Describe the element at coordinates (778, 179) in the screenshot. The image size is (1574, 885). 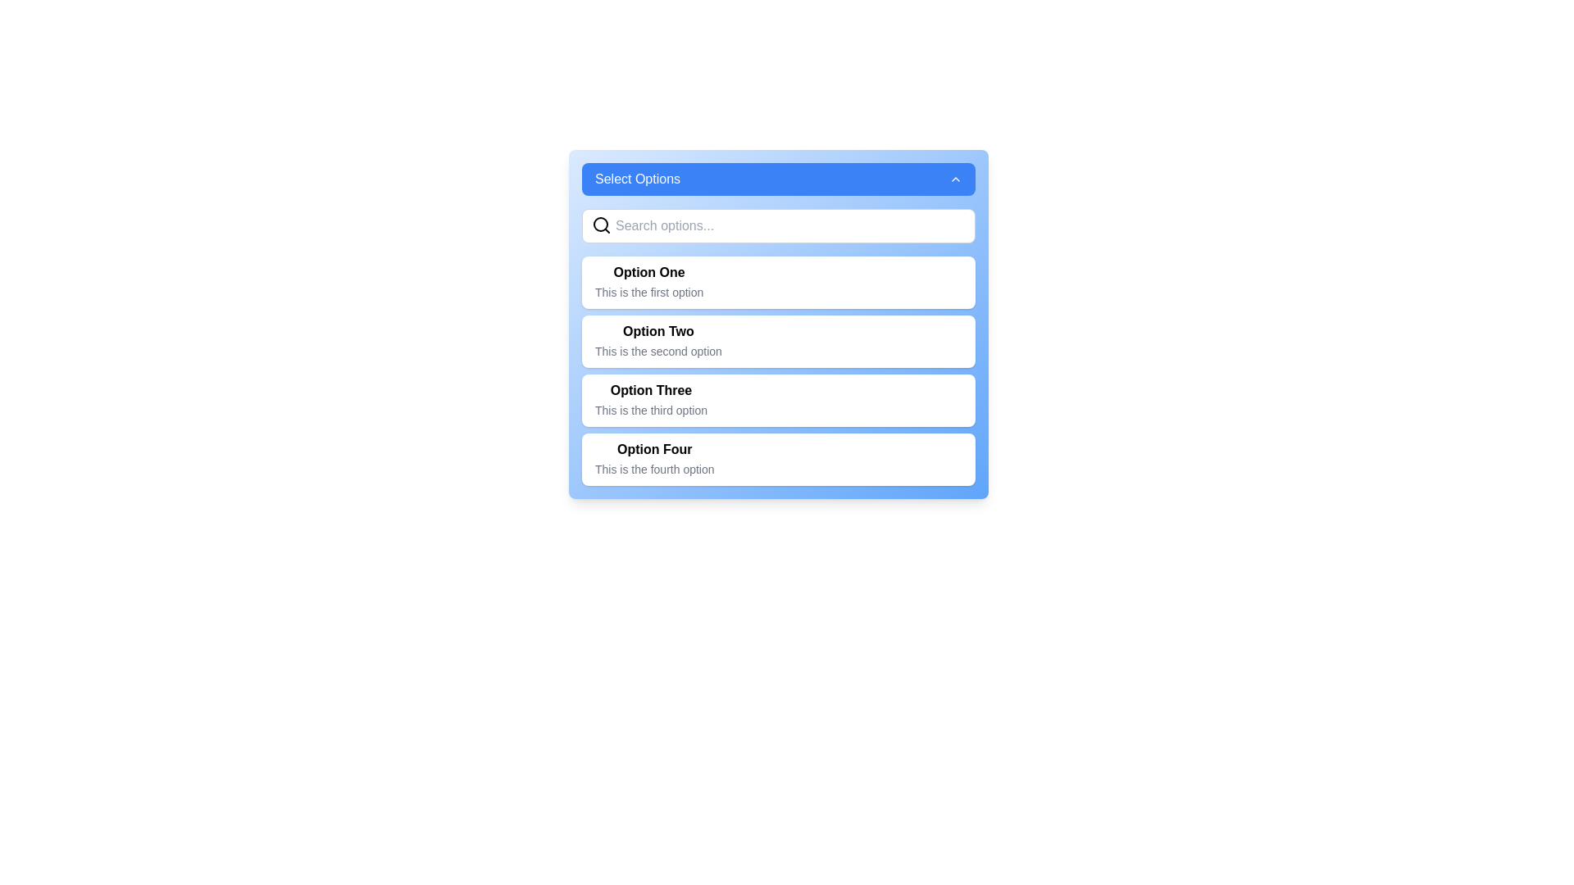
I see `the blue rectangular Dropdown trigger button labeled 'Select Options'` at that location.